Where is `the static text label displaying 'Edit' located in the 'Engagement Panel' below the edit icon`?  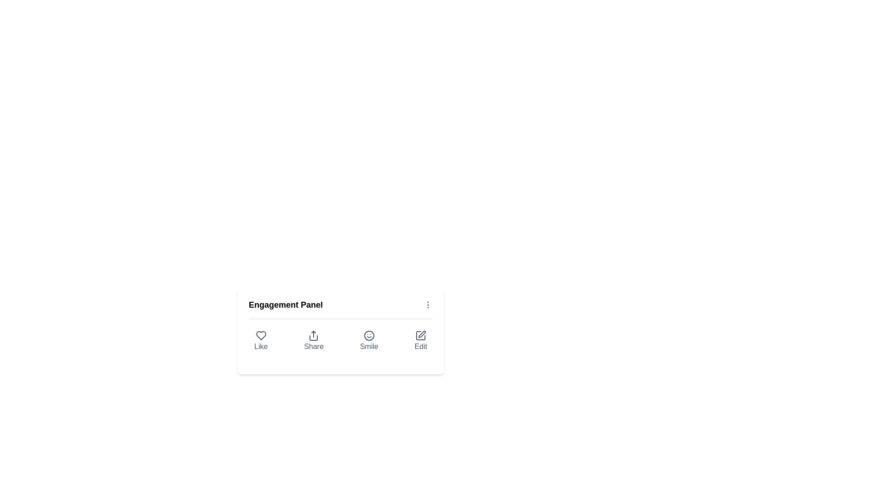
the static text label displaying 'Edit' located in the 'Engagement Panel' below the edit icon is located at coordinates (420, 347).